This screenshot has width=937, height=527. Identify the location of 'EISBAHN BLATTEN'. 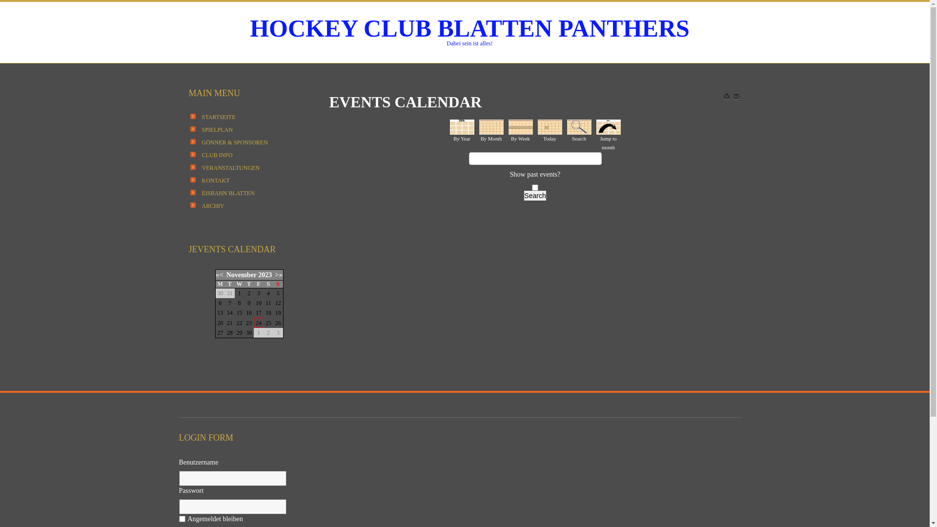
(227, 193).